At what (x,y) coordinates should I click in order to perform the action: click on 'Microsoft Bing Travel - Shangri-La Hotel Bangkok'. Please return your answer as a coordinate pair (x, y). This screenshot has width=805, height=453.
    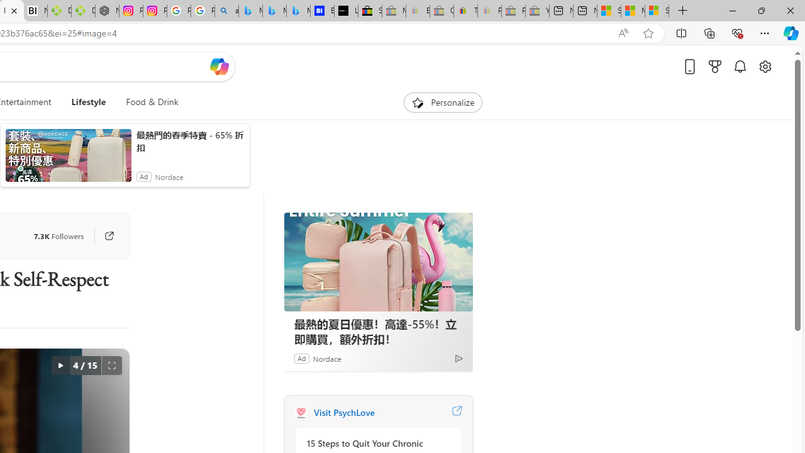
    Looking at the image, I should click on (297, 11).